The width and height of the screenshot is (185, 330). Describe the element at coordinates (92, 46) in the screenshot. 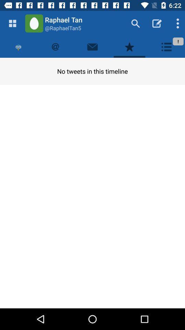

I see `icon above no tweets in` at that location.